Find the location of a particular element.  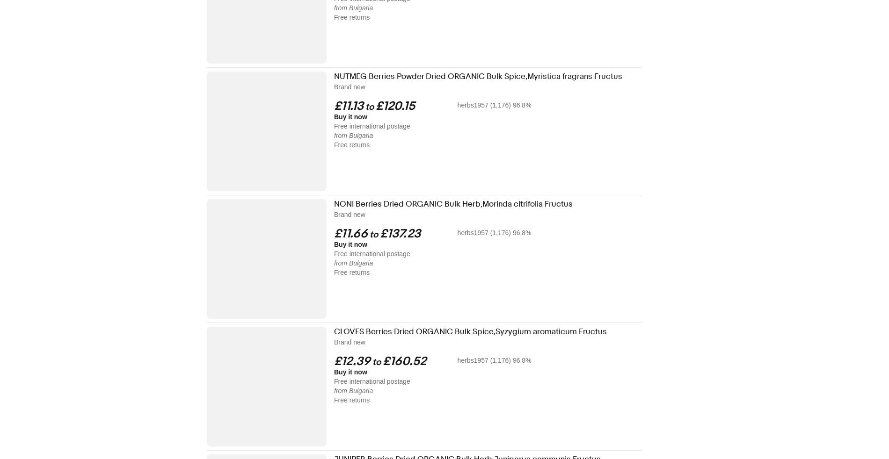

'£137.23' is located at coordinates (400, 233).